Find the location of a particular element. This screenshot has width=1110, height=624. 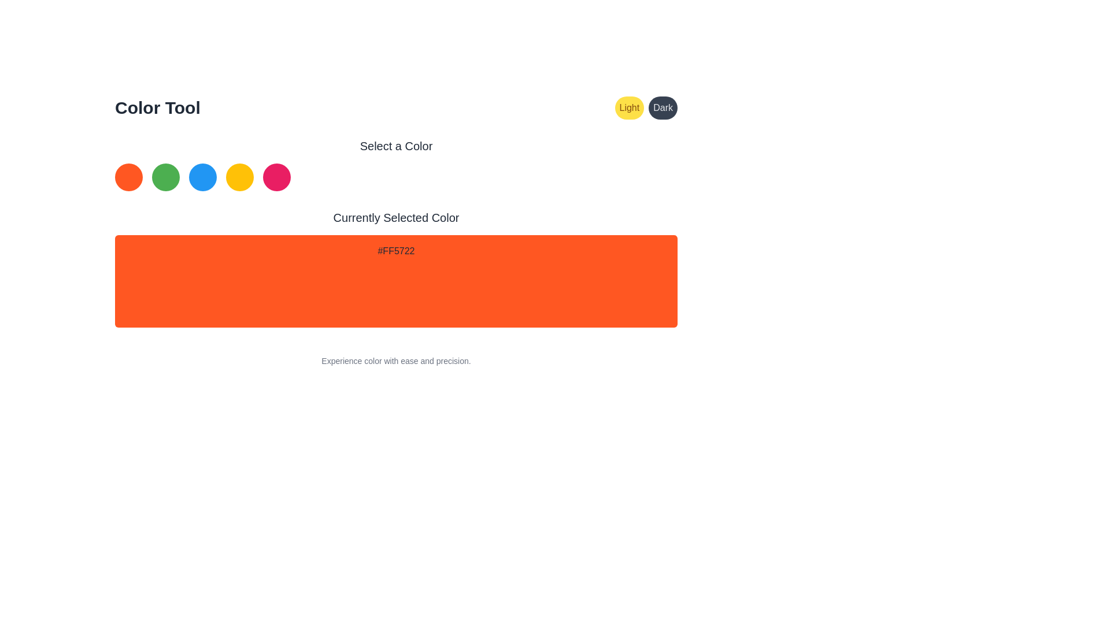

the 'Light' theme button located near the top-right of the interface is located at coordinates (628, 107).